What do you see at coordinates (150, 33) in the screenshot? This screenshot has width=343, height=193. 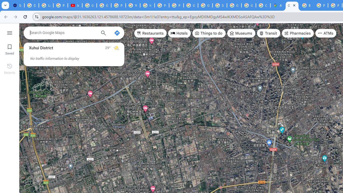 I see `'Restaurants'` at bounding box center [150, 33].